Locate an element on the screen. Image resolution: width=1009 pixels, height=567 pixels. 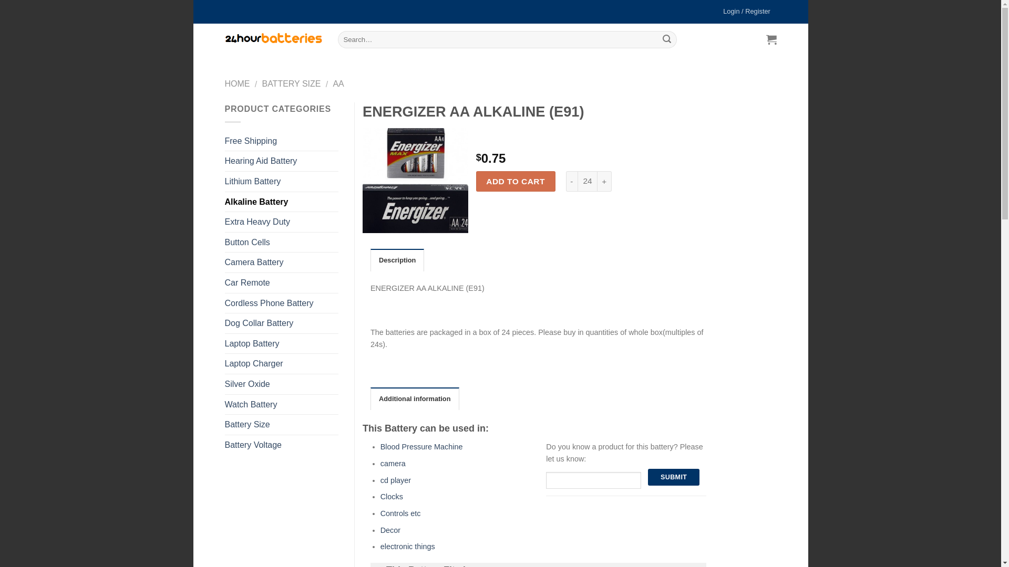
'Decor' is located at coordinates (390, 530).